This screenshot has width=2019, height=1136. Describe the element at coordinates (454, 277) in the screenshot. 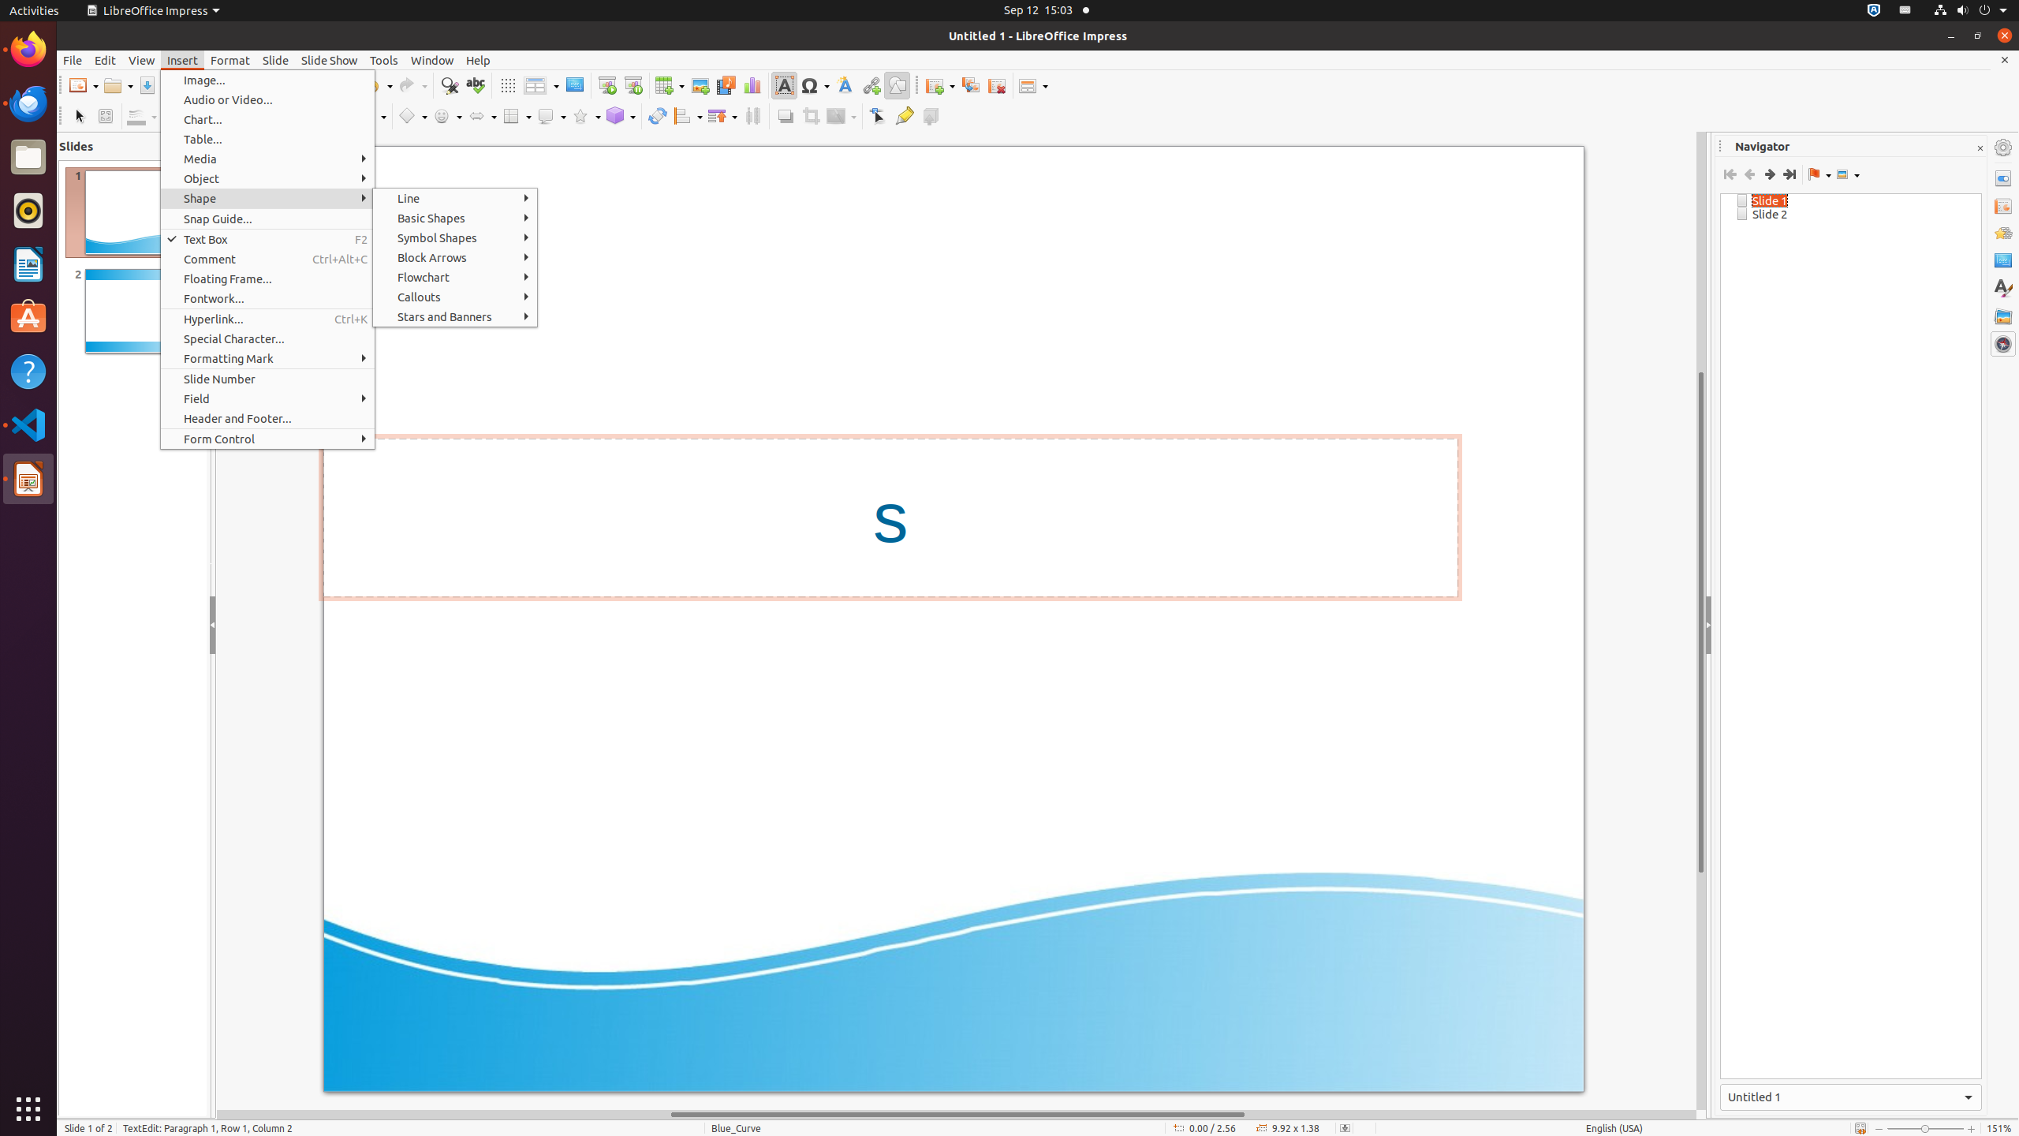

I see `'Flowchart'` at that location.